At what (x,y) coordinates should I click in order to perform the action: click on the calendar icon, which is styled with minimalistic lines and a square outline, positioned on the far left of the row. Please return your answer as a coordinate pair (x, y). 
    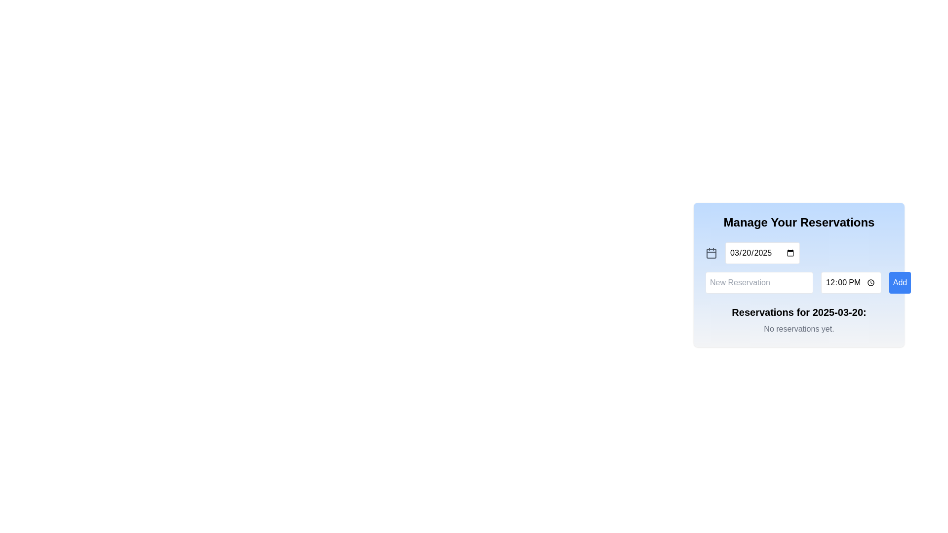
    Looking at the image, I should click on (711, 253).